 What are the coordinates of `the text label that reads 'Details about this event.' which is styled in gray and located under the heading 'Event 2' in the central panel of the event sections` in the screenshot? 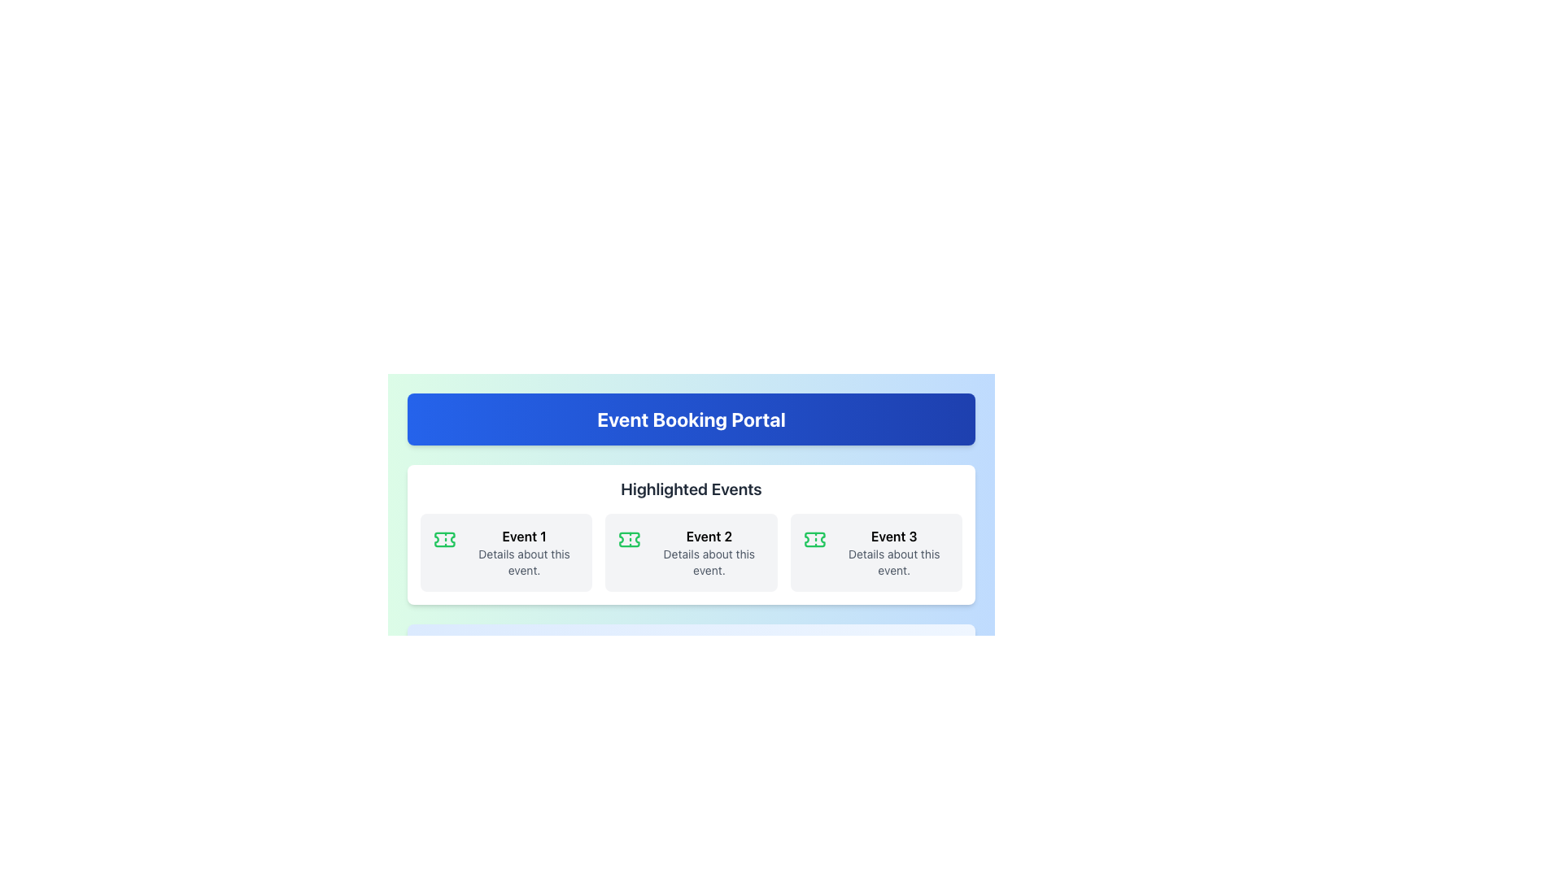 It's located at (709, 561).